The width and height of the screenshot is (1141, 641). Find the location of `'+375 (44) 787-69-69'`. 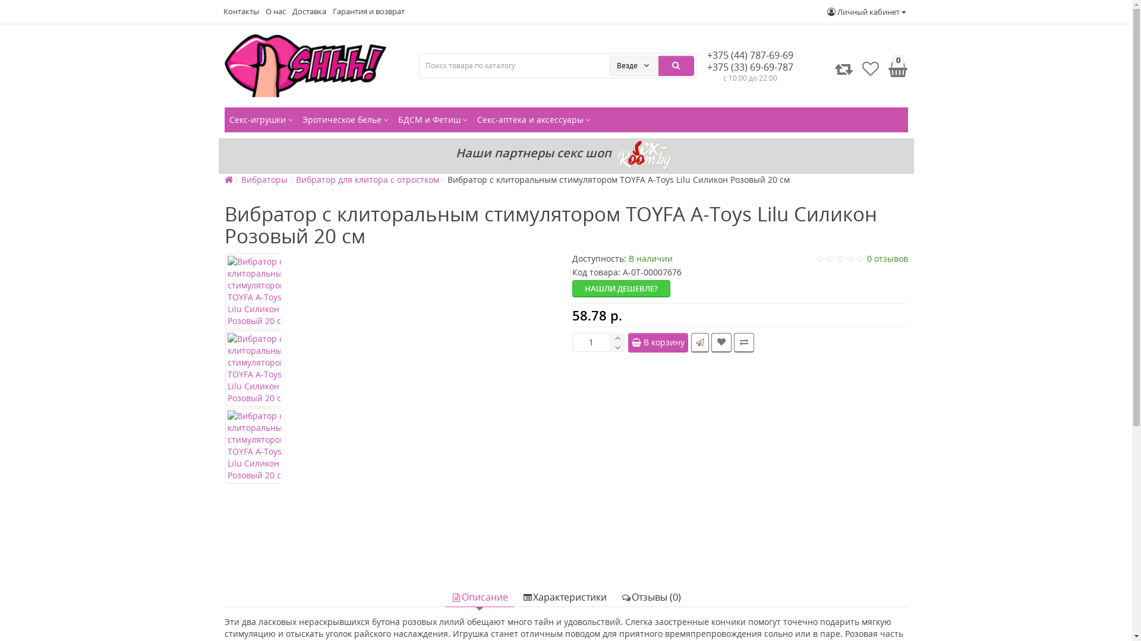

'+375 (44) 787-69-69' is located at coordinates (749, 55).